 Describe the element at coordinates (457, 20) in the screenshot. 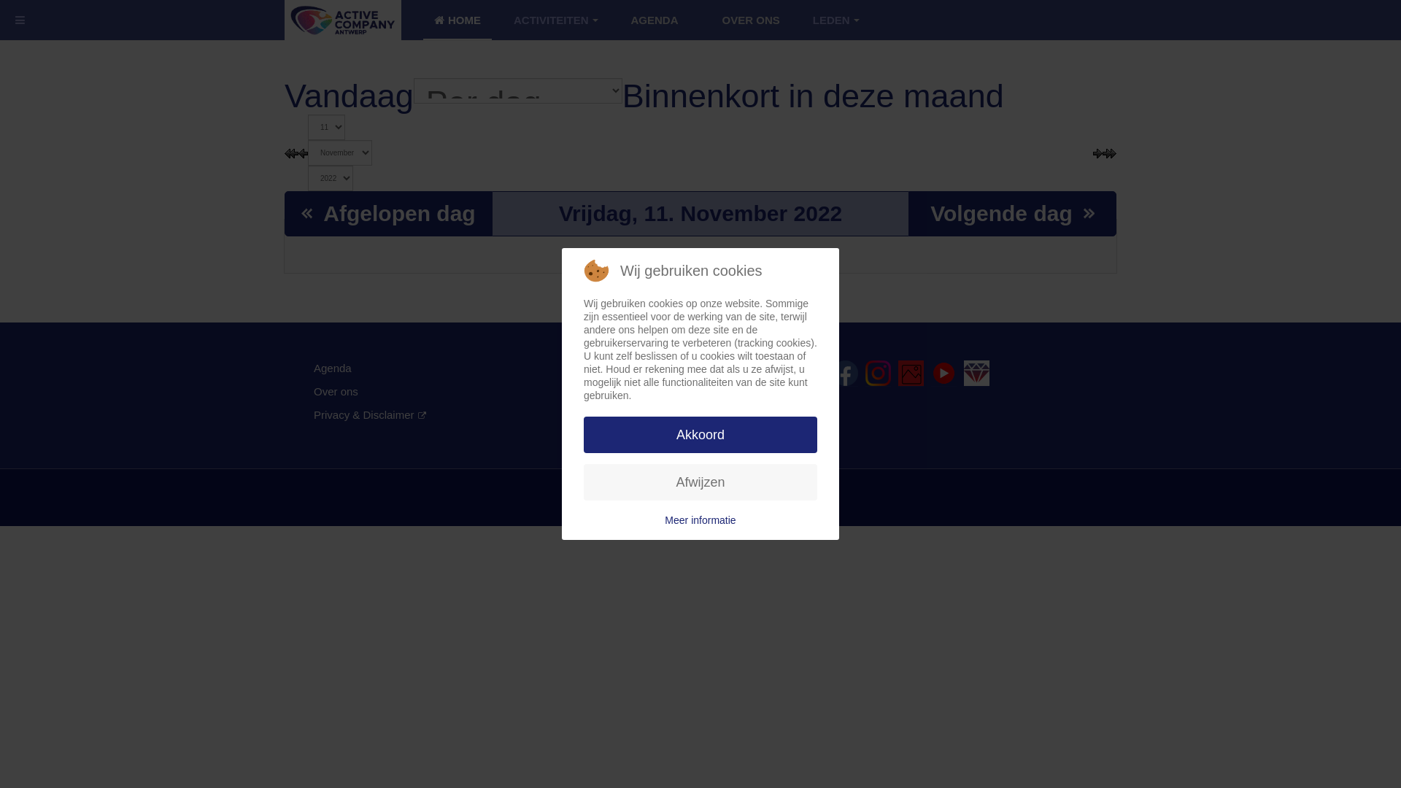

I see `'HOME'` at that location.